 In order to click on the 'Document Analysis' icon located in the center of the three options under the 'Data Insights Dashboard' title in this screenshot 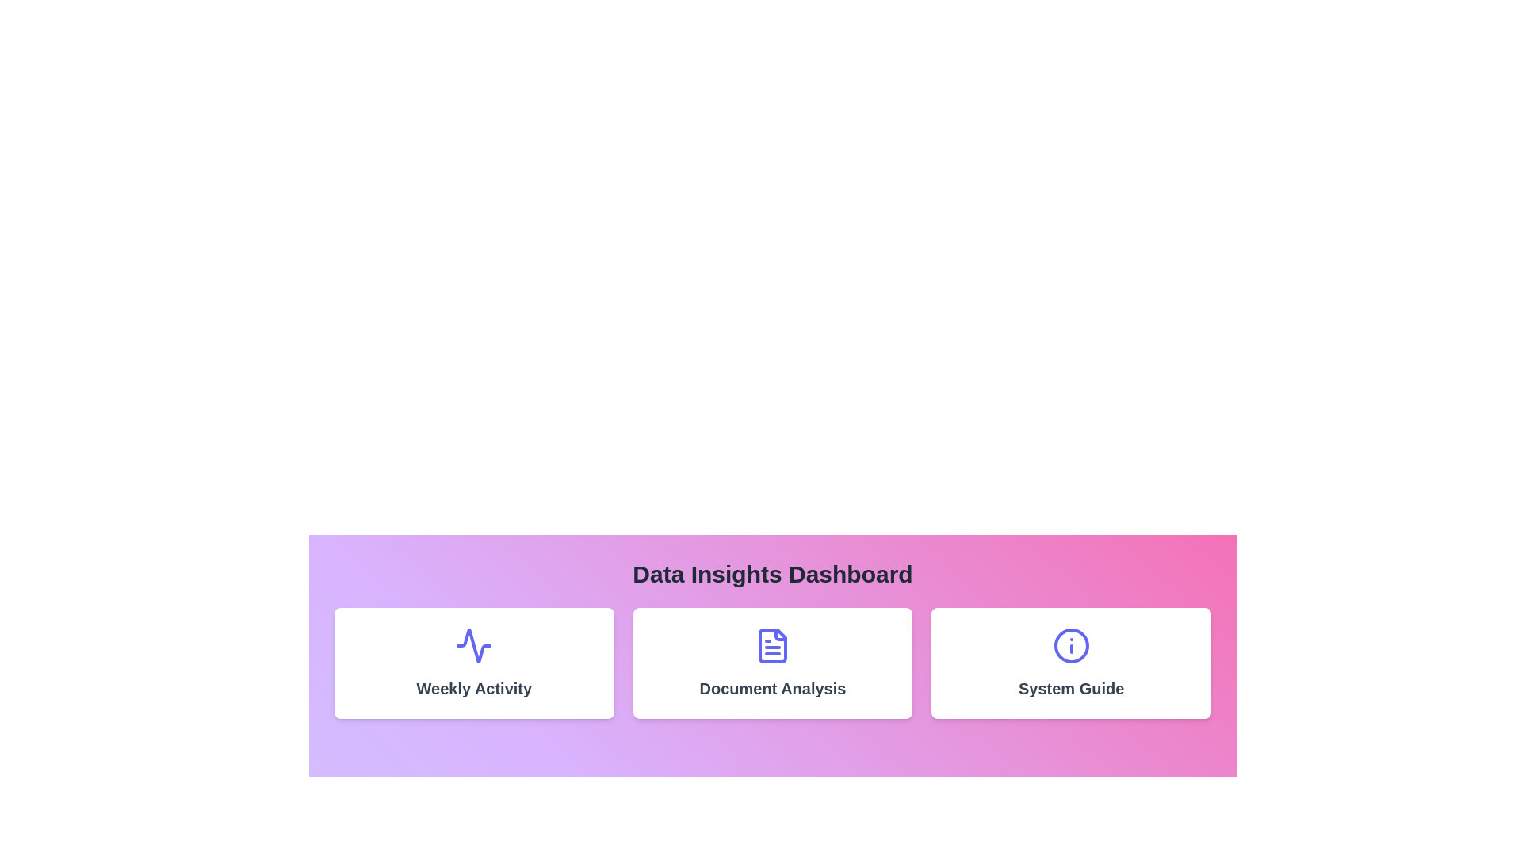, I will do `click(772, 645)`.